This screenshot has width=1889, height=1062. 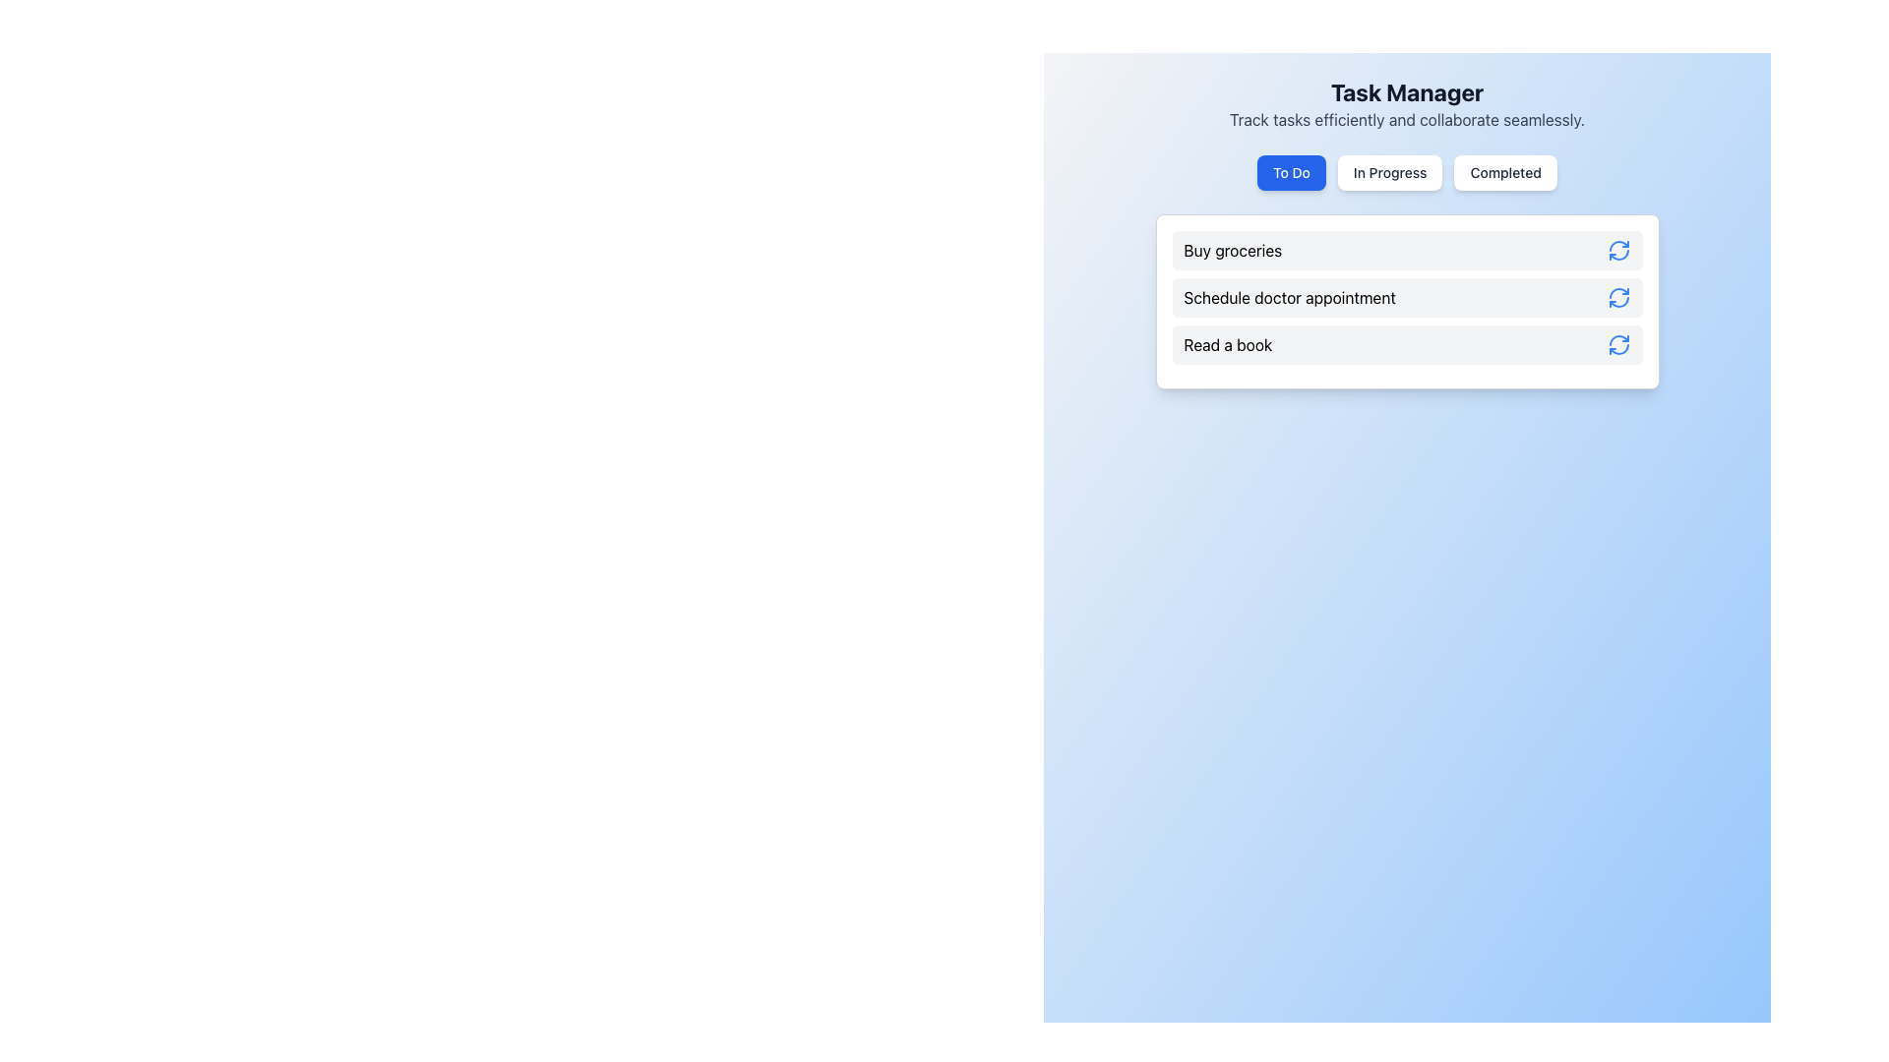 What do you see at coordinates (1618, 344) in the screenshot?
I see `the refresh icon button associated with the 'Read a book' task to receive interaction feedback` at bounding box center [1618, 344].